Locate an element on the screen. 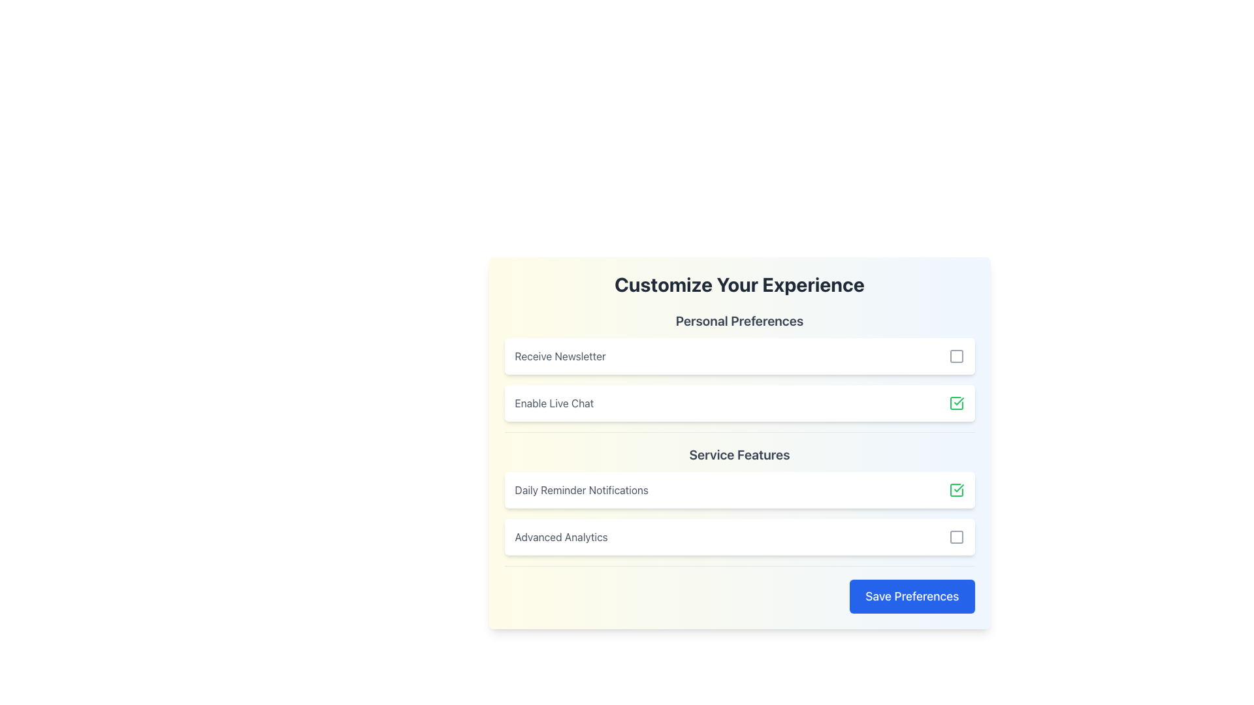 Image resolution: width=1254 pixels, height=705 pixels. the checkboxes in the preference selection interface below the 'Customize Your Experience' title is located at coordinates (739, 372).